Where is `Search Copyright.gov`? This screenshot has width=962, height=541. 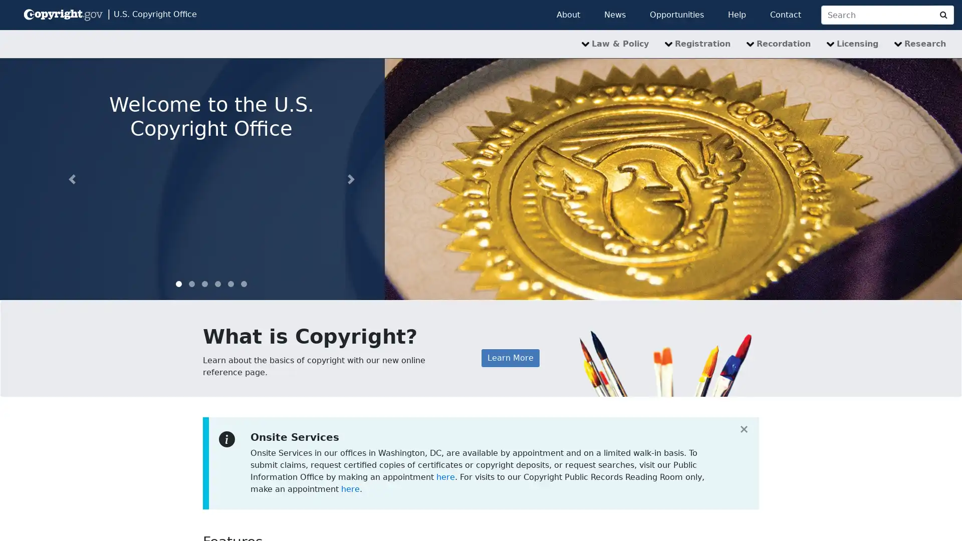 Search Copyright.gov is located at coordinates (943, 15).